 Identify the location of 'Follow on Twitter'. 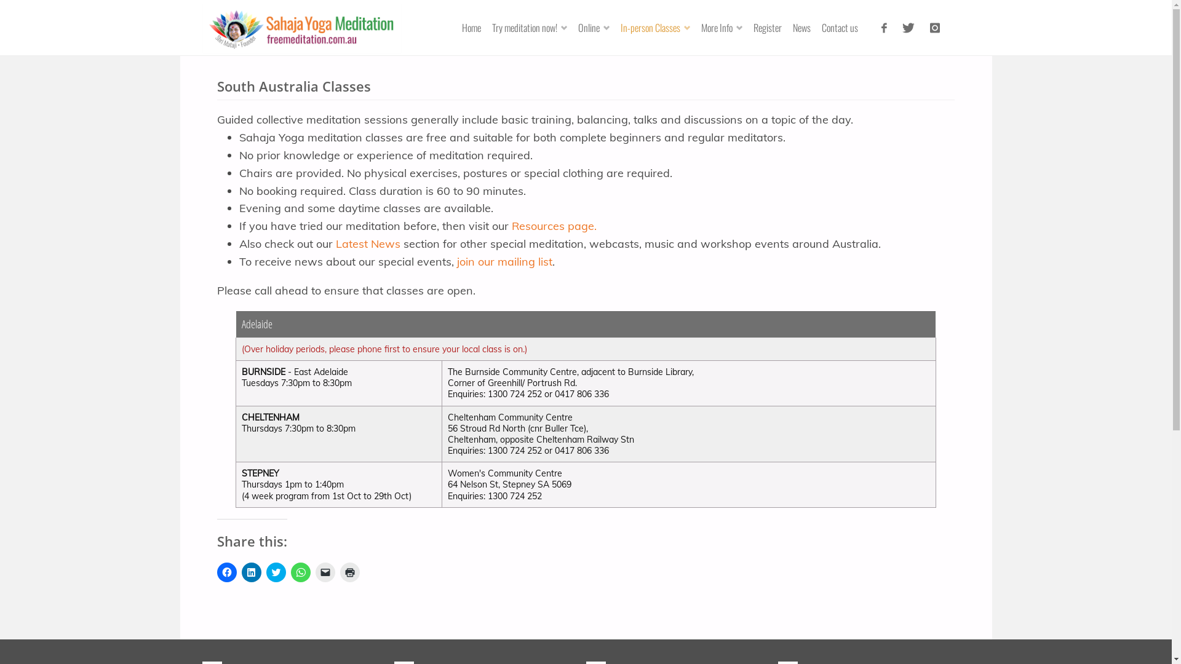
(908, 28).